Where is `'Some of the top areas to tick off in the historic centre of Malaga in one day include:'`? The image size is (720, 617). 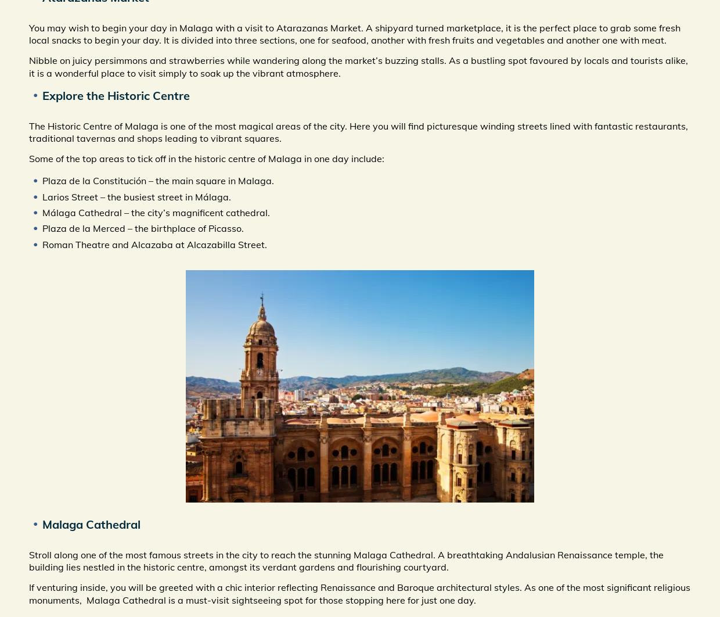
'Some of the top areas to tick off in the historic centre of Malaga in one day include:' is located at coordinates (28, 158).